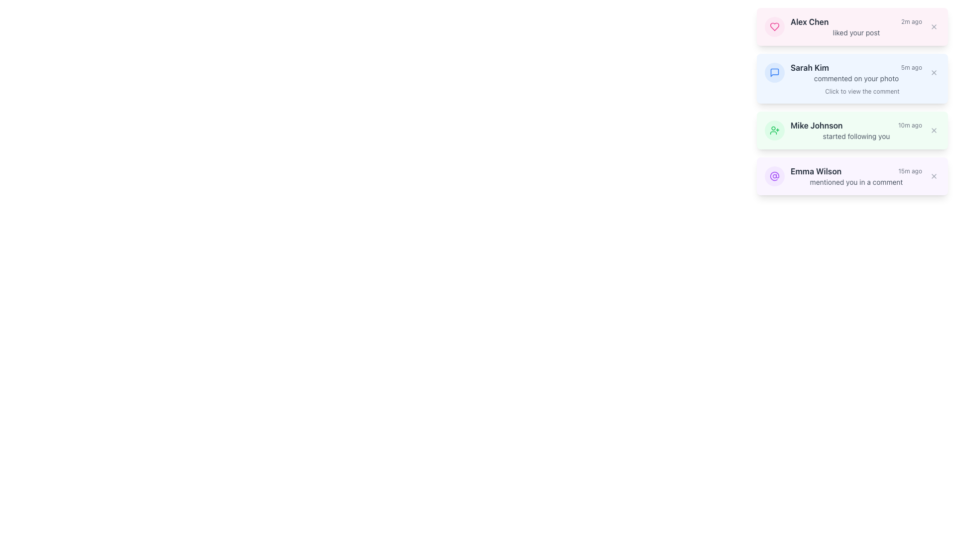 This screenshot has height=538, width=956. What do you see at coordinates (810, 67) in the screenshot?
I see `the text label displaying 'Sarah Kim', which is in bold dark gray font and positioned to the left of the timestamp '5m ago' within the second notification card` at bounding box center [810, 67].